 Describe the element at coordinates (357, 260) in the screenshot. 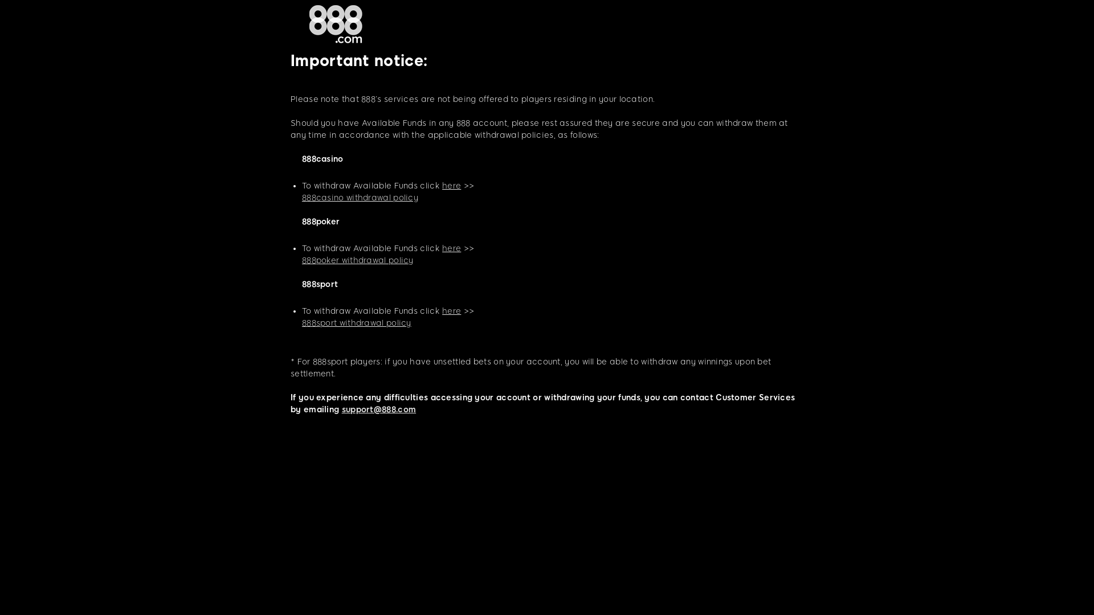

I see `'888poker withdrawal policy'` at that location.